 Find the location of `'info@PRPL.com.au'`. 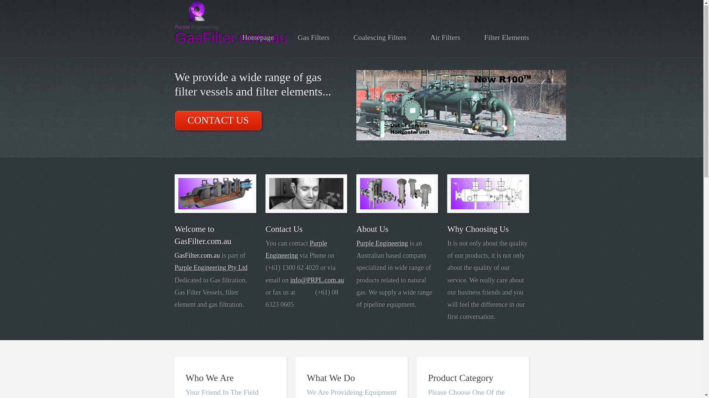

'info@PRPL.com.au' is located at coordinates (290, 280).